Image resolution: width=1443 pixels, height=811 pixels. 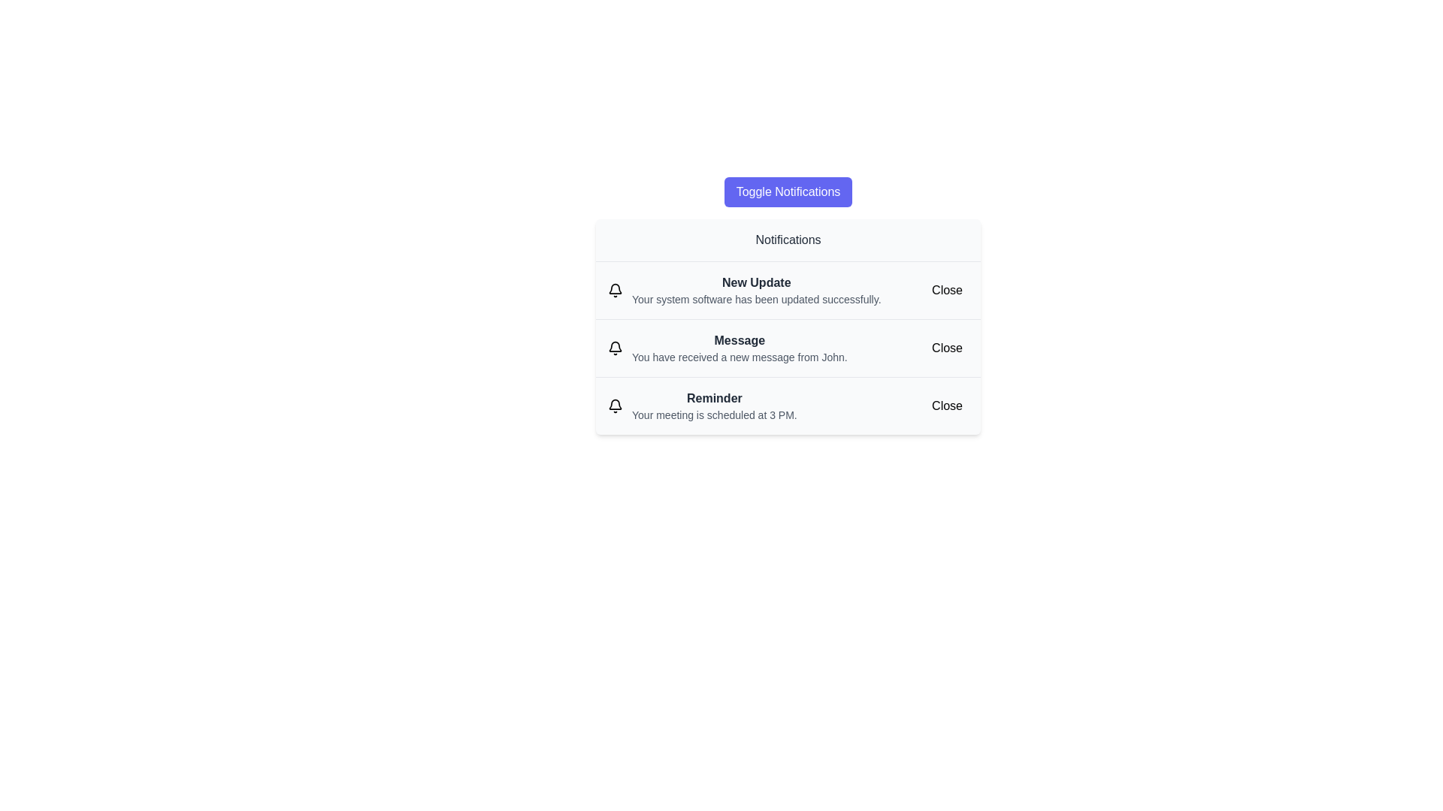 What do you see at coordinates (946, 405) in the screenshot?
I see `the closure button for the notification item, which is positioned at the end of the row containing the text 'Reminder: Your meeting is scheduled at 3 PM.'` at bounding box center [946, 405].